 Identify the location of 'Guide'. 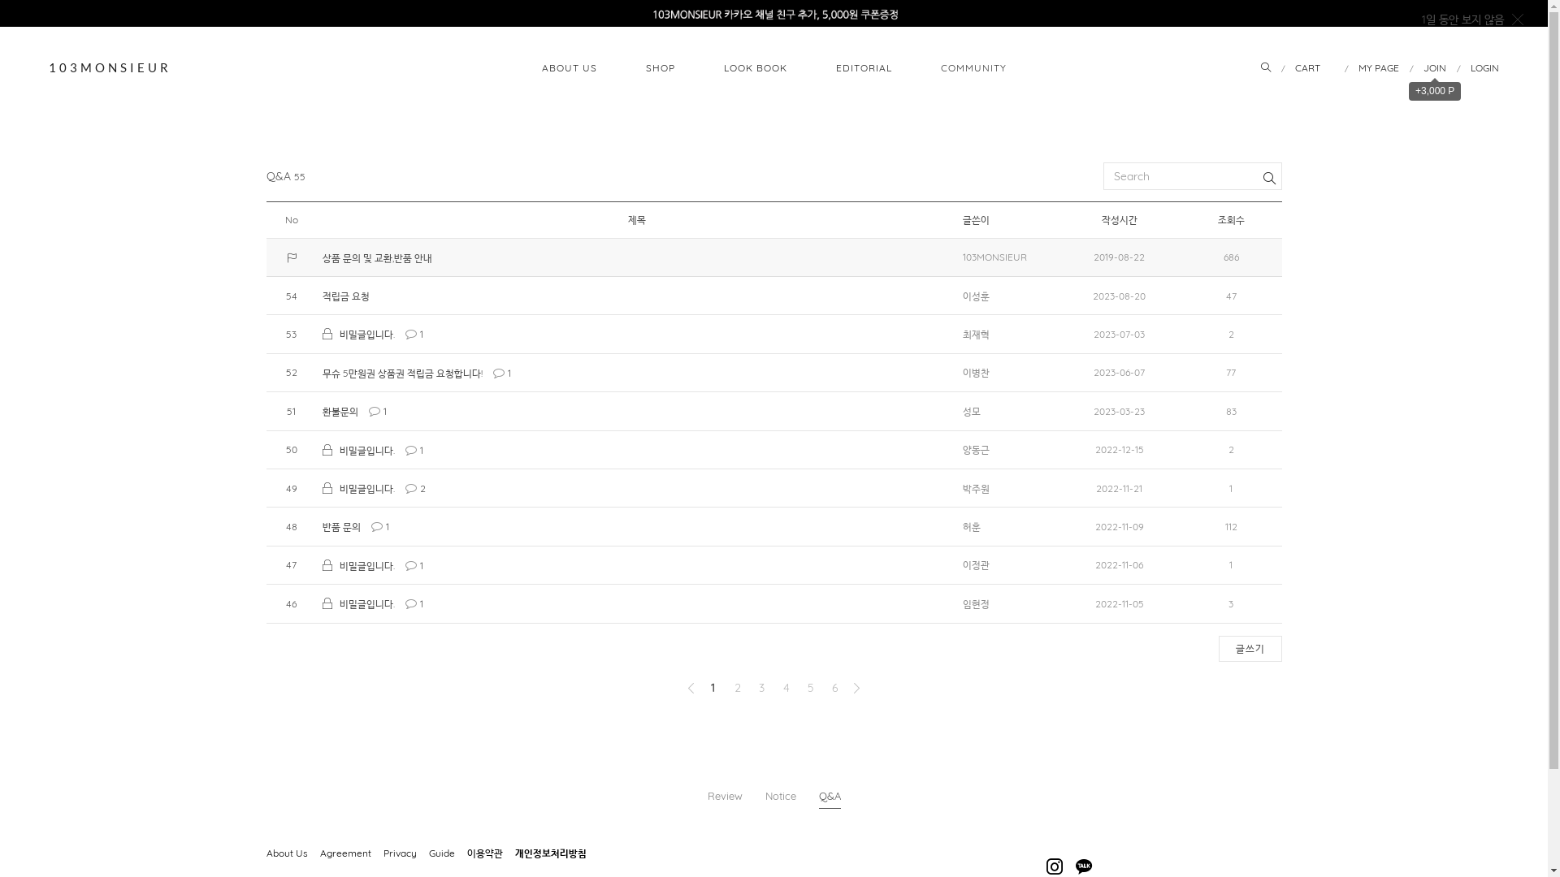
(448, 852).